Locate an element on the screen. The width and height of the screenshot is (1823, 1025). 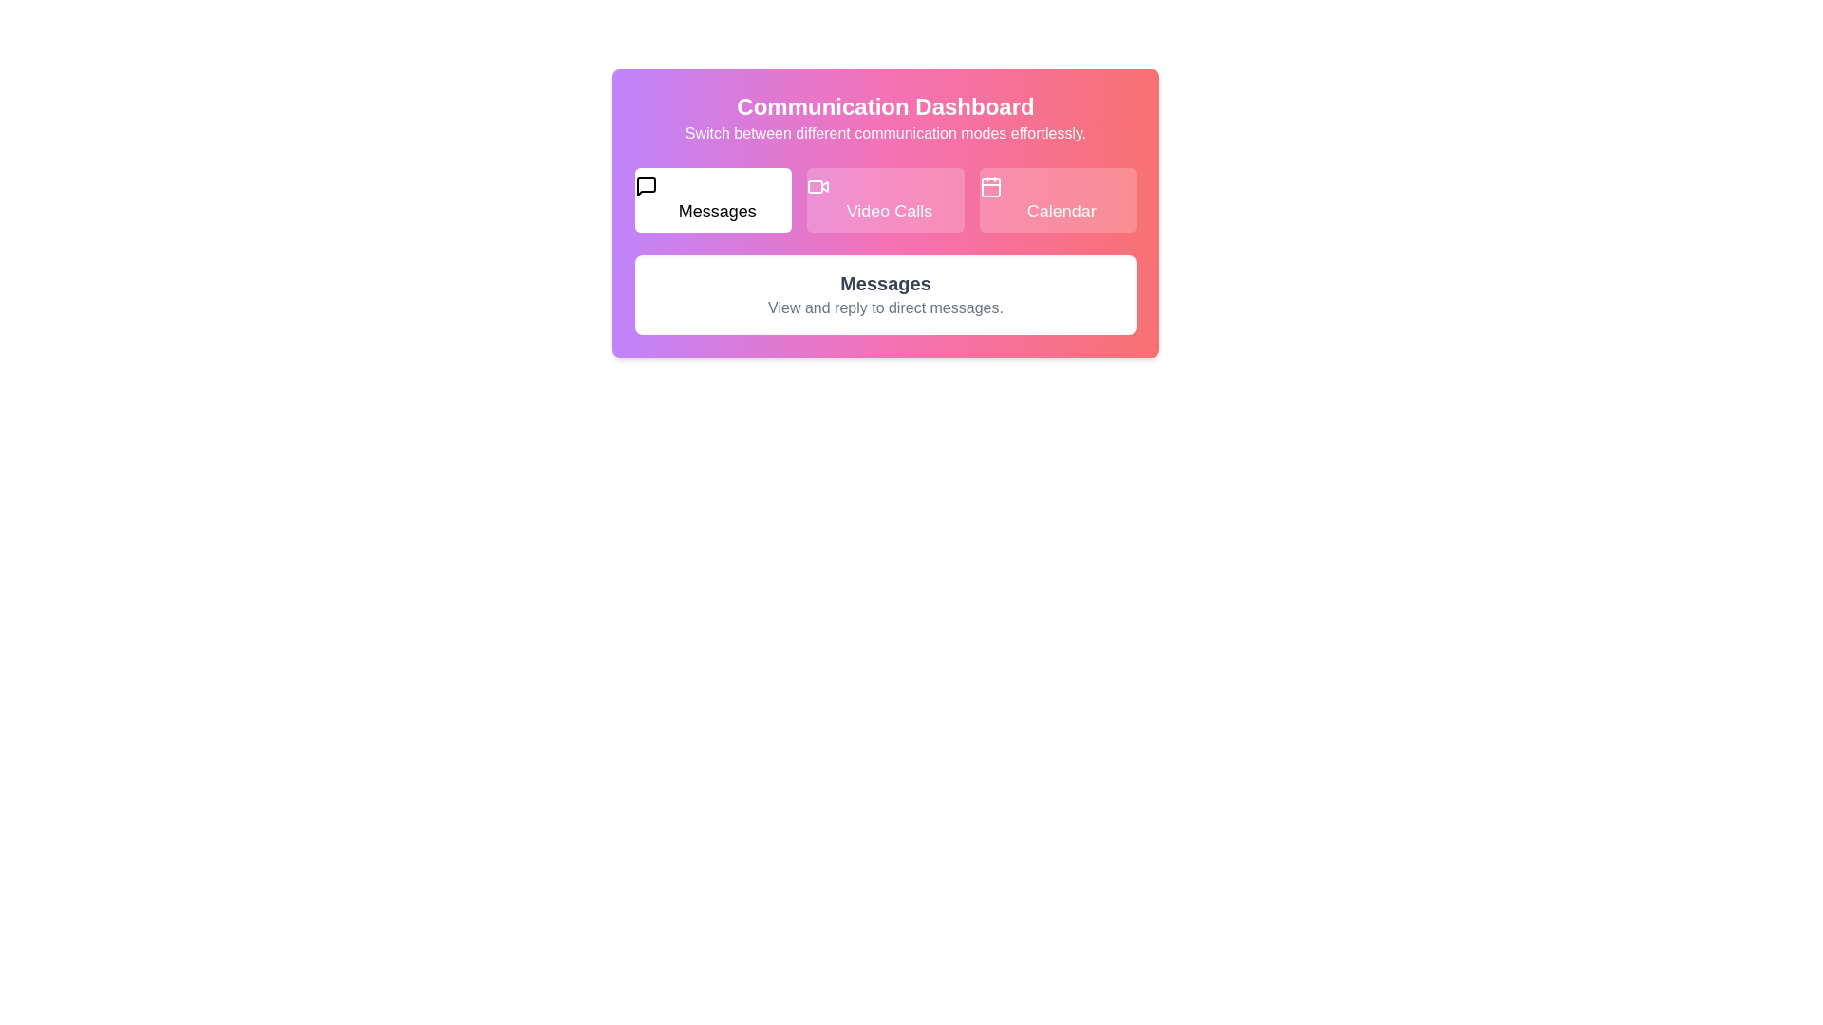
the Video Calls tab to explore its content is located at coordinates (884, 200).